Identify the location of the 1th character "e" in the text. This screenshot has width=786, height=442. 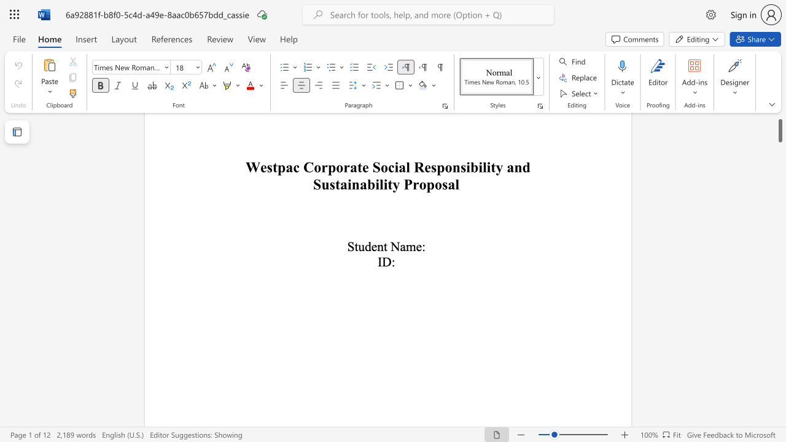
(373, 246).